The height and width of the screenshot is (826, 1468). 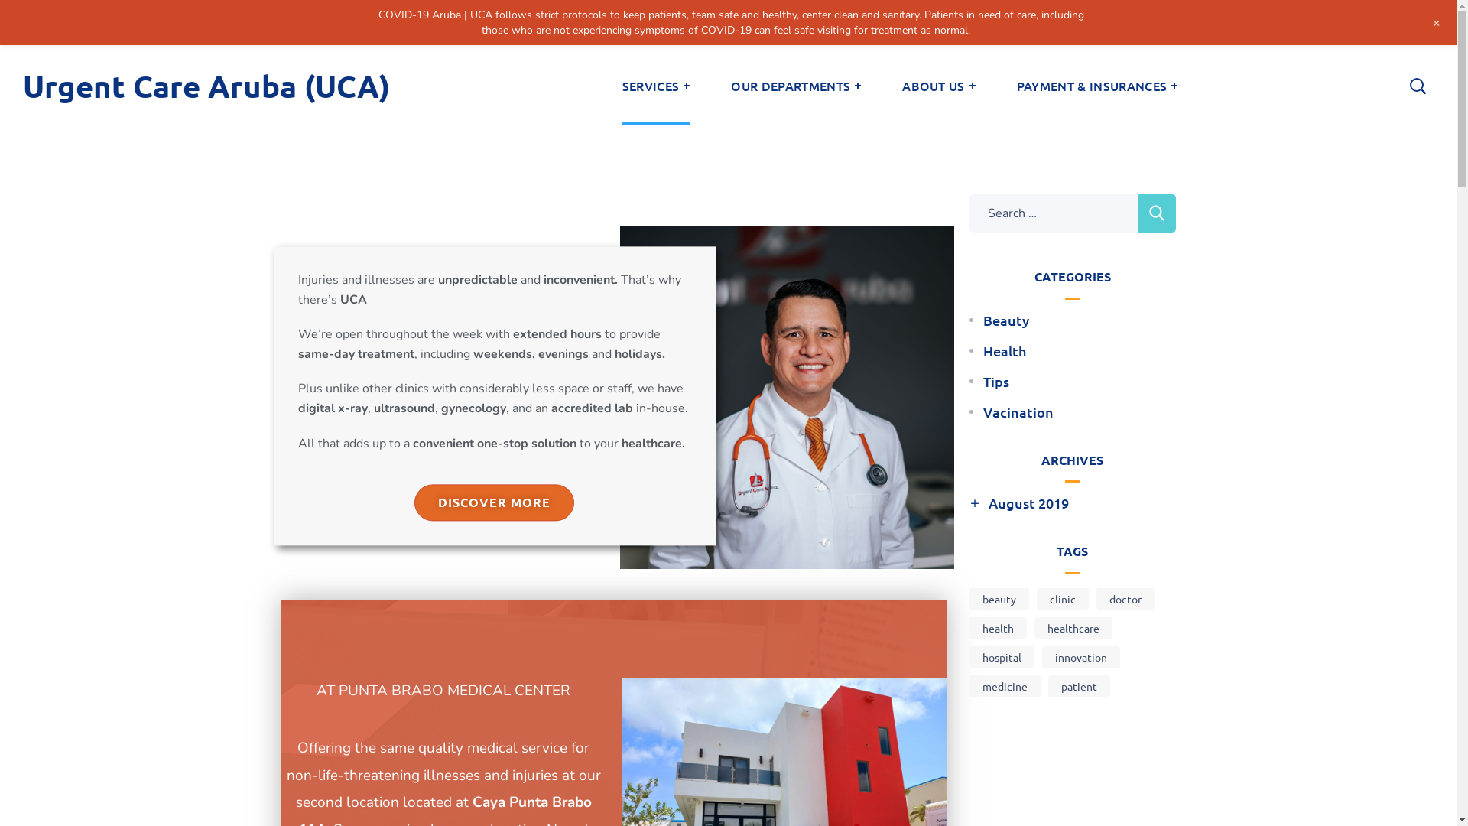 I want to click on 'Beauty', so click(x=1005, y=320).